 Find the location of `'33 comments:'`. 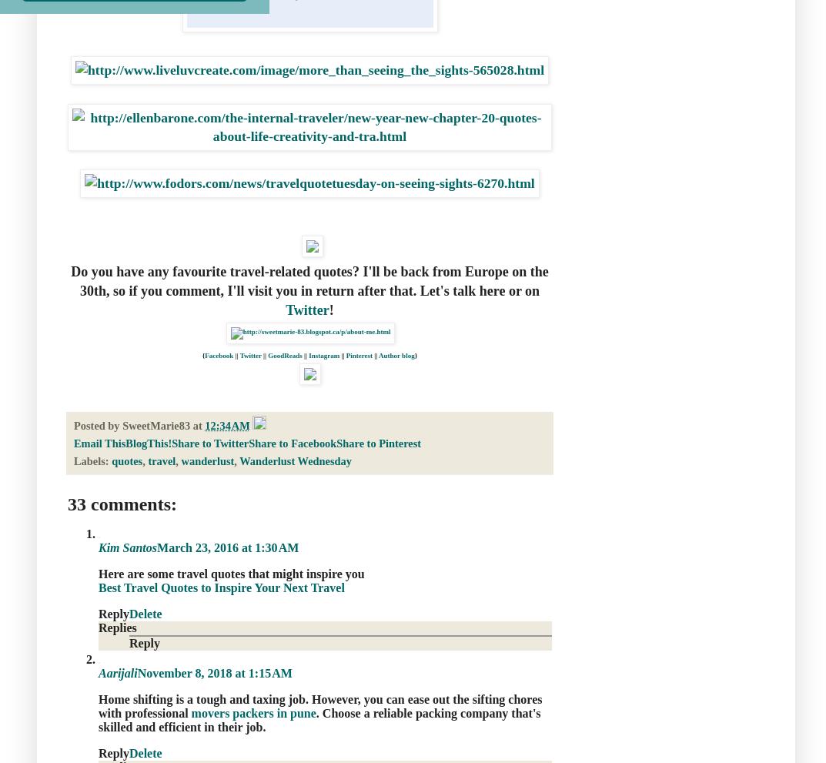

'33 comments:' is located at coordinates (121, 502).